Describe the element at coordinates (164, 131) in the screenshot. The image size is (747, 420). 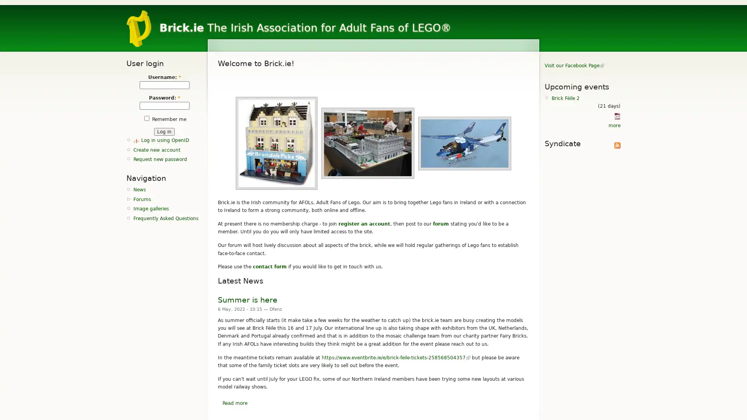
I see `Log in` at that location.